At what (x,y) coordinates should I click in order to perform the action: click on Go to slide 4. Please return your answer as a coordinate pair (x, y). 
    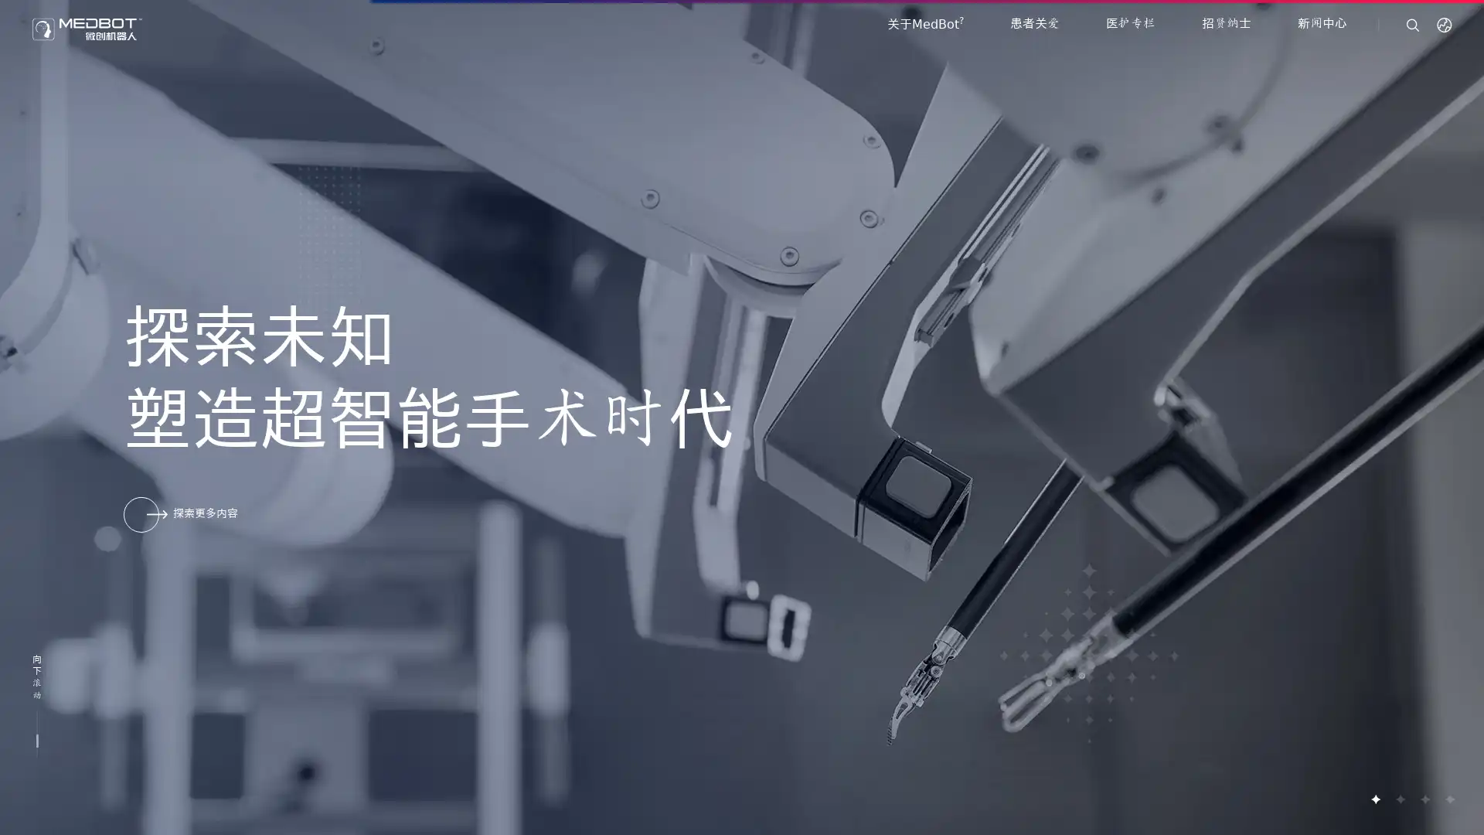
    Looking at the image, I should click on (1448, 799).